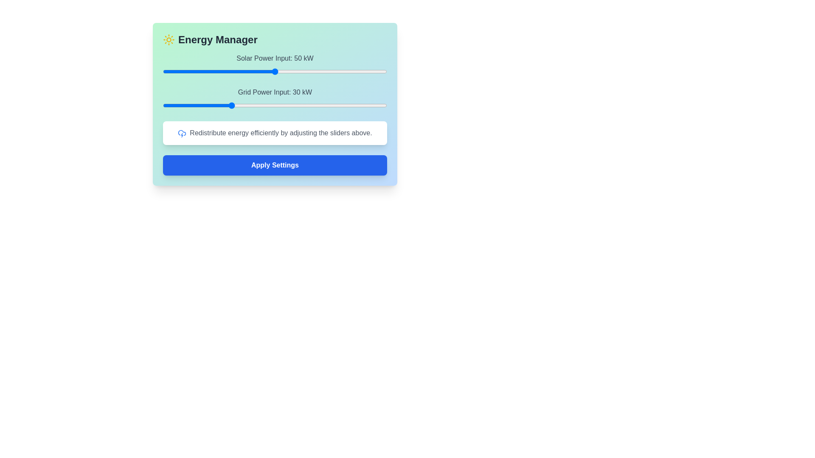 The height and width of the screenshot is (458, 815). I want to click on the Grid Power Input slider to 32 kW, so click(234, 105).